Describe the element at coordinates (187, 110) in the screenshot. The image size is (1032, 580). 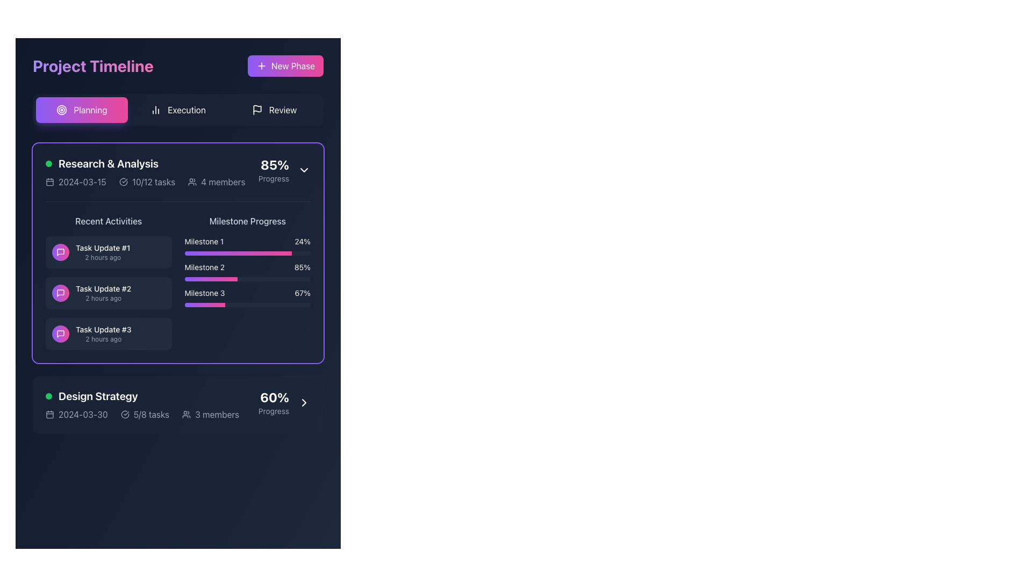
I see `the 'Execution' text label located in the horizontal navigation bar at the top of the interface, which is positioned between the 'Planning' and 'Review' options` at that location.